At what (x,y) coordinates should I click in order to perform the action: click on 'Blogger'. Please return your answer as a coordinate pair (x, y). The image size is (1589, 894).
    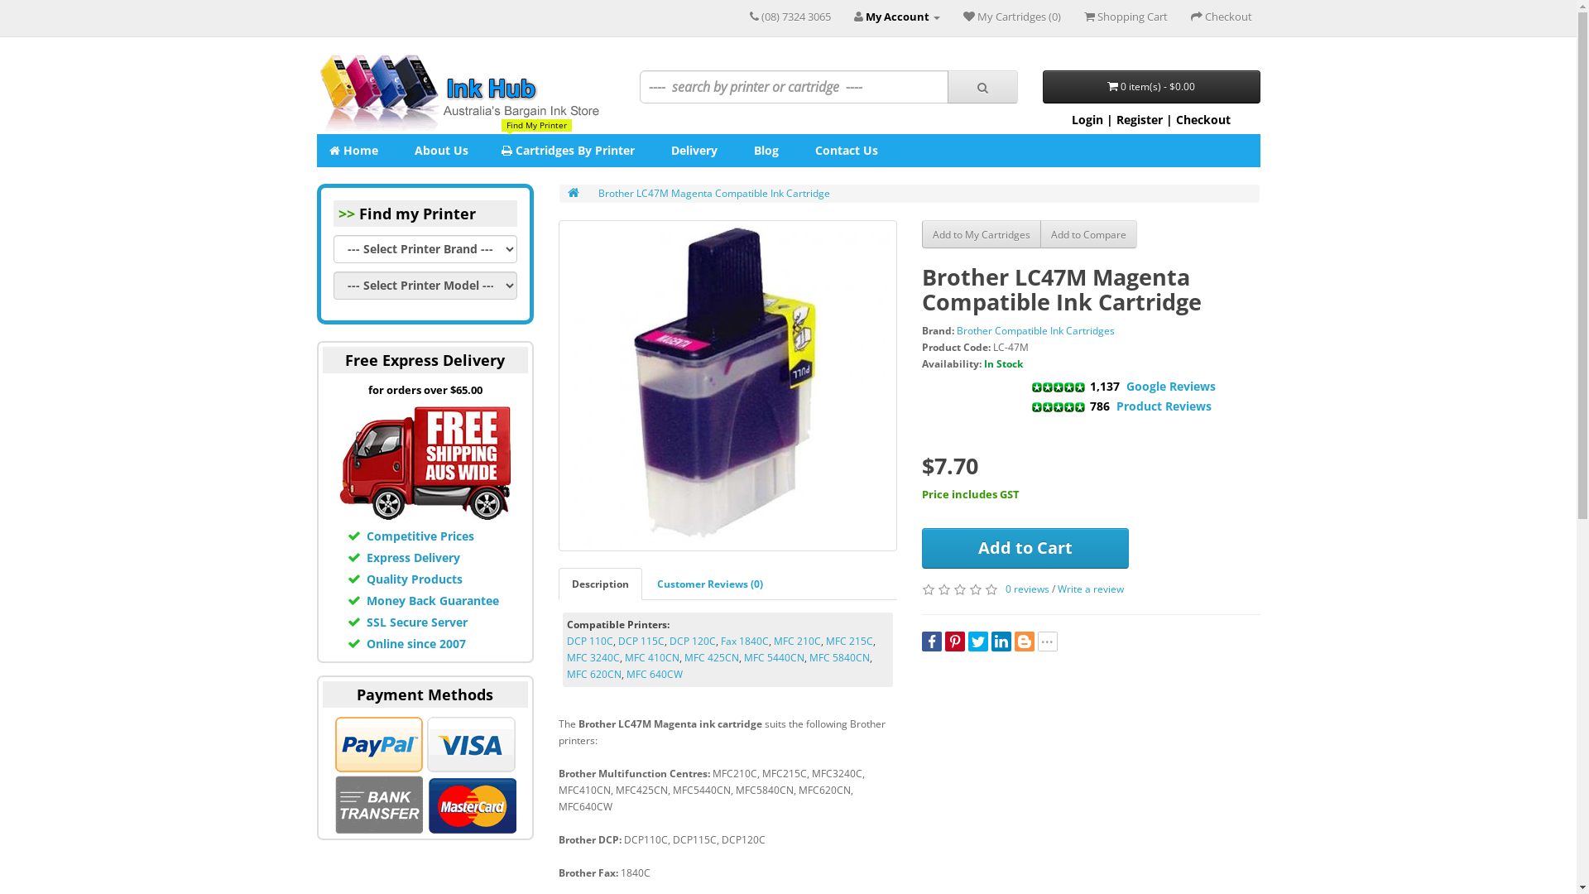
    Looking at the image, I should click on (1013, 641).